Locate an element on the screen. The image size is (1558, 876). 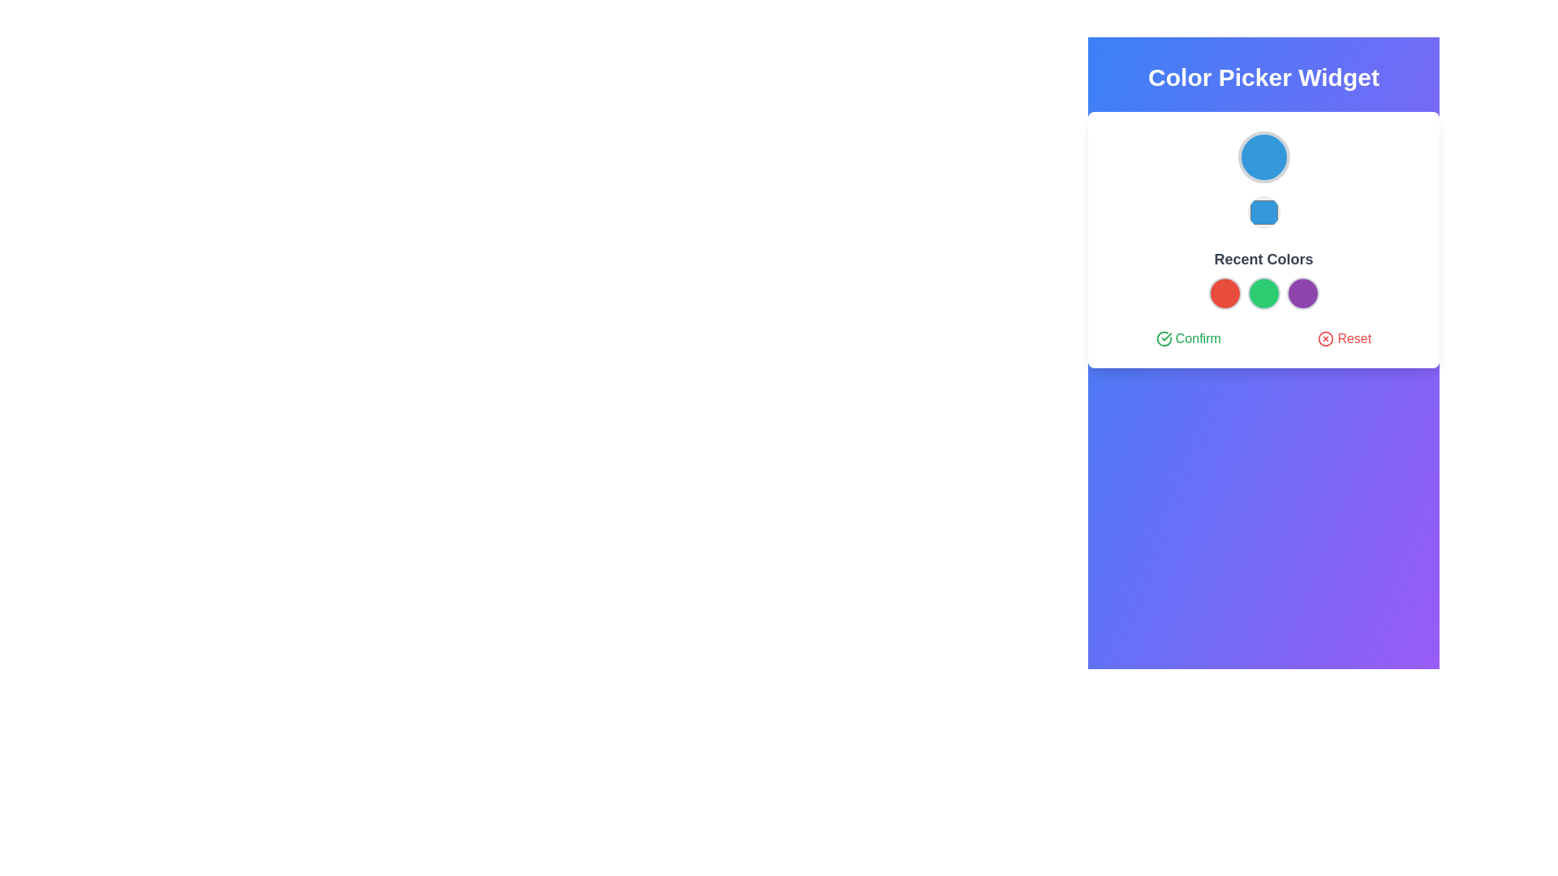
the descriptive label for the reset action positioned at the bottom right of the white card interface, next to the green 'Confirm' button is located at coordinates (1354, 337).